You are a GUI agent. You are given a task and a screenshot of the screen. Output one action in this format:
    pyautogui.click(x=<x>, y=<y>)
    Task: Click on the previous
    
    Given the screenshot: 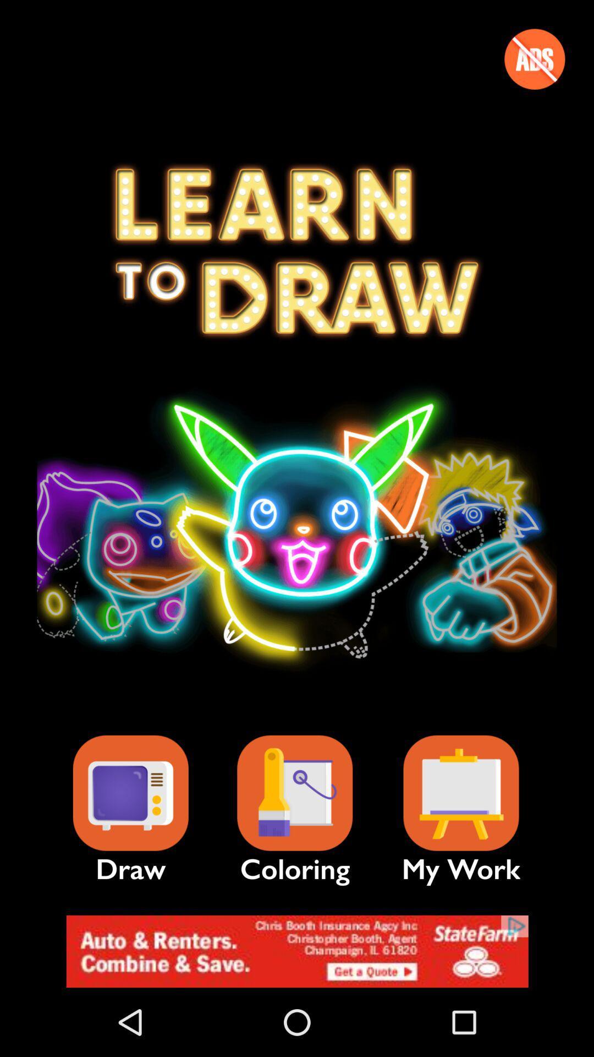 What is the action you would take?
    pyautogui.click(x=534, y=58)
    